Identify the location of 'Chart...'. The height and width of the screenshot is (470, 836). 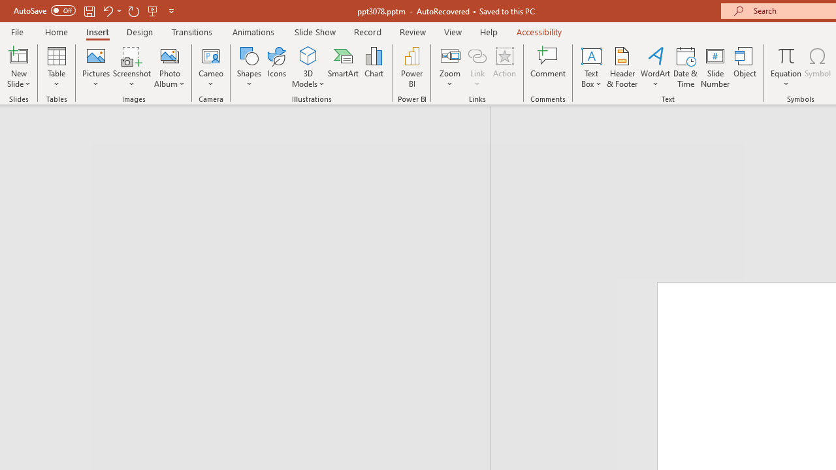
(373, 67).